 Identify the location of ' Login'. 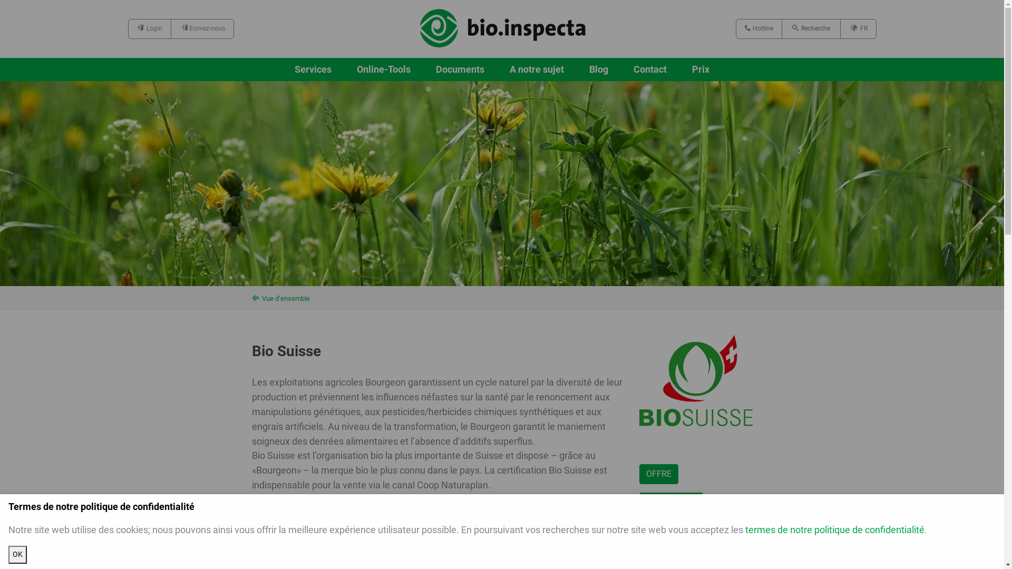
(149, 28).